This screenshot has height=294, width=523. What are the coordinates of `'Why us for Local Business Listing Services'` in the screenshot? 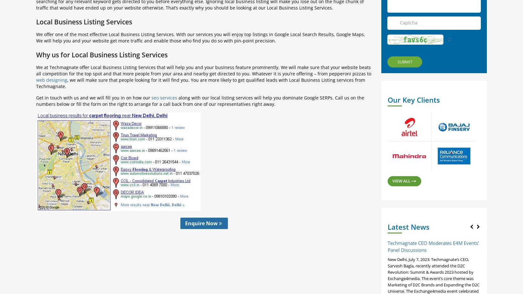 It's located at (102, 54).